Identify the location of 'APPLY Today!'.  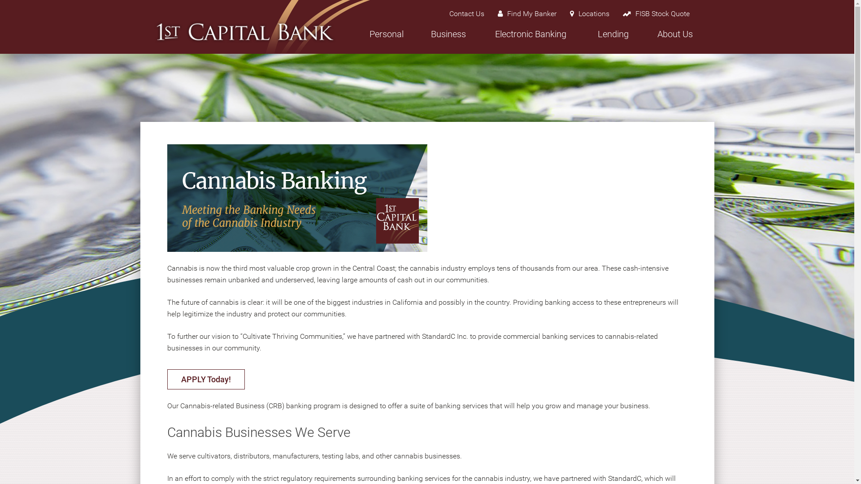
(205, 379).